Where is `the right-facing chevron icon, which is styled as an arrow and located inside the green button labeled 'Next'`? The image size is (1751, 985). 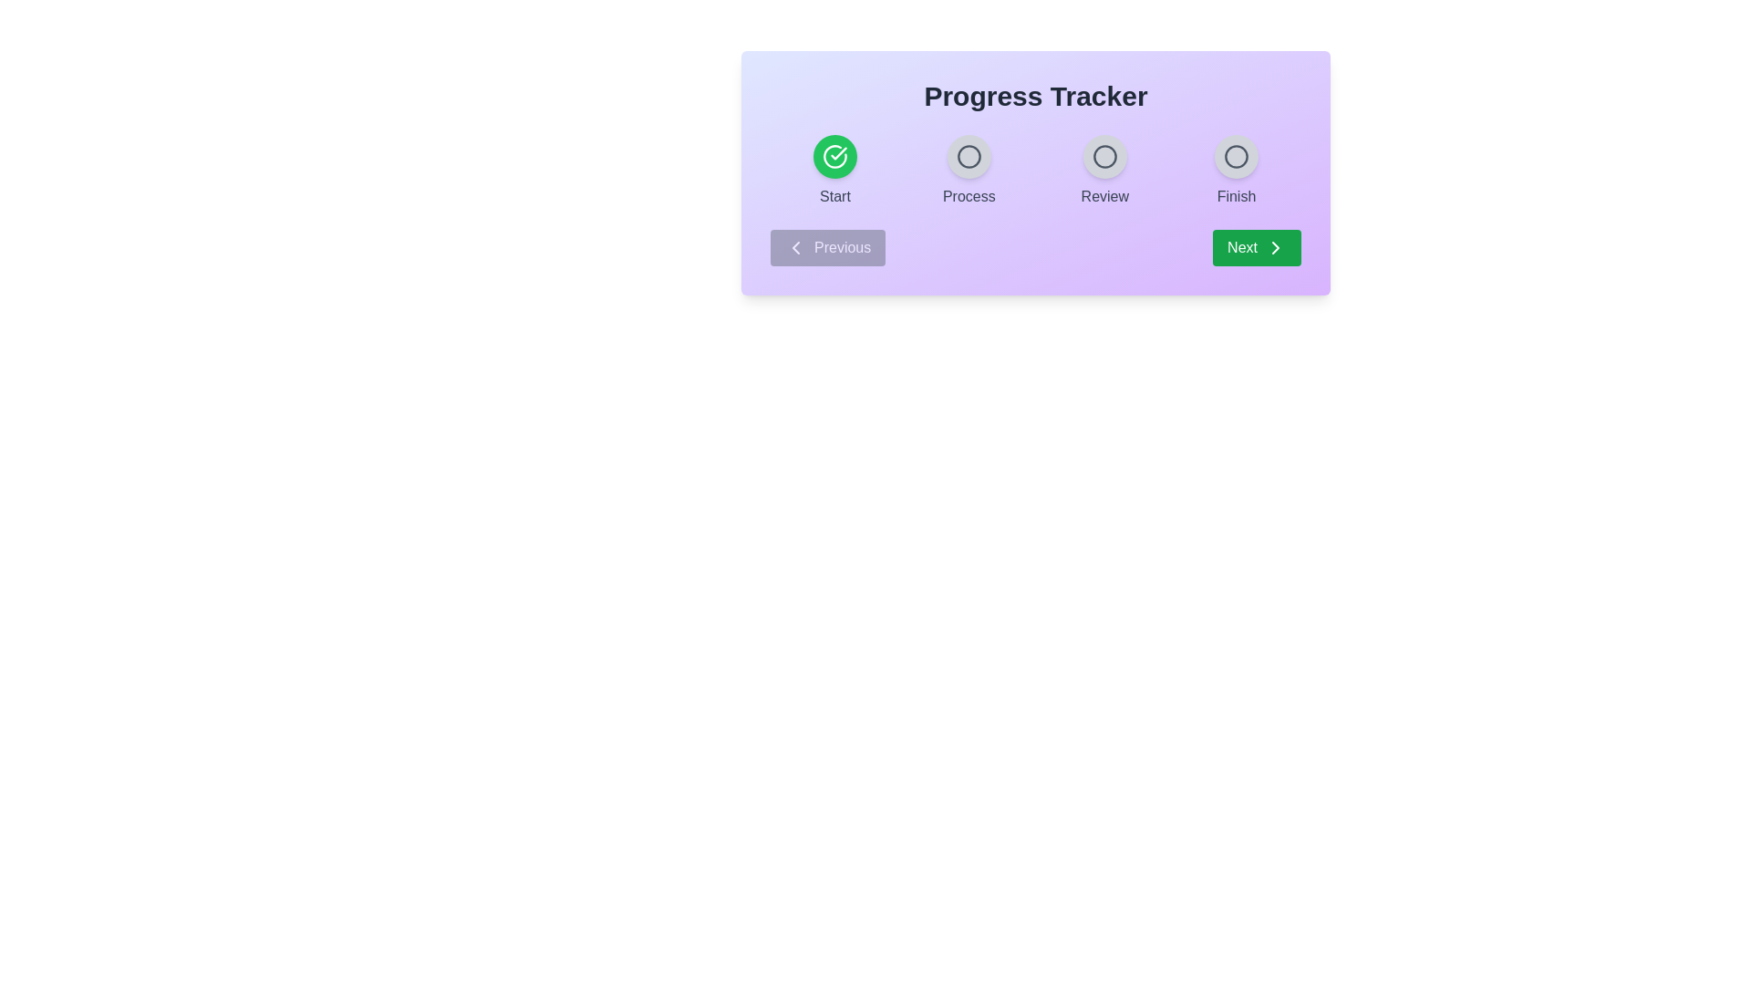
the right-facing chevron icon, which is styled as an arrow and located inside the green button labeled 'Next' is located at coordinates (1274, 248).